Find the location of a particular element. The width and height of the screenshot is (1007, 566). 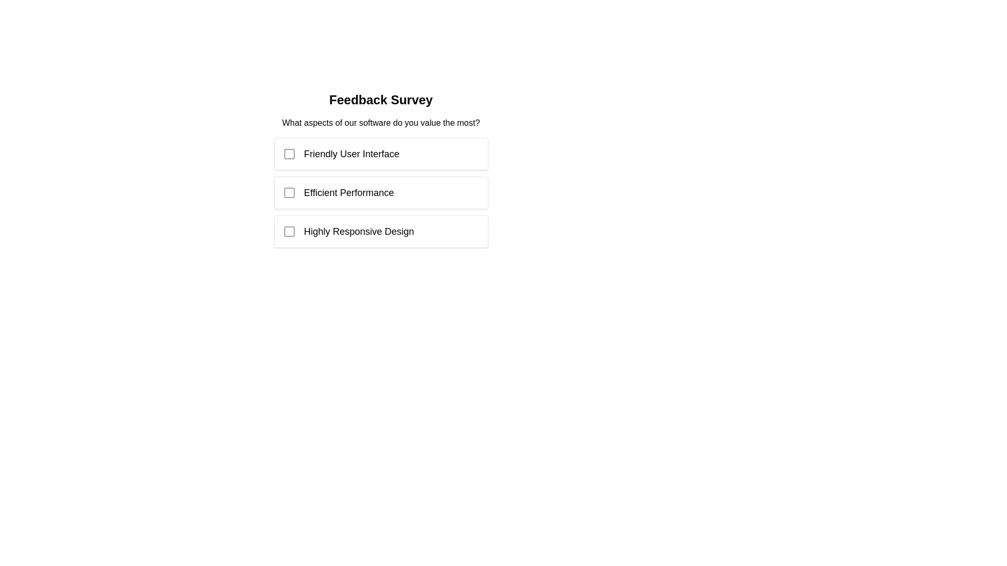

the text label that describes the third selectable option in the survey, which follows 'Friendly User Interface' and 'Efficient Performance' is located at coordinates (359, 231).